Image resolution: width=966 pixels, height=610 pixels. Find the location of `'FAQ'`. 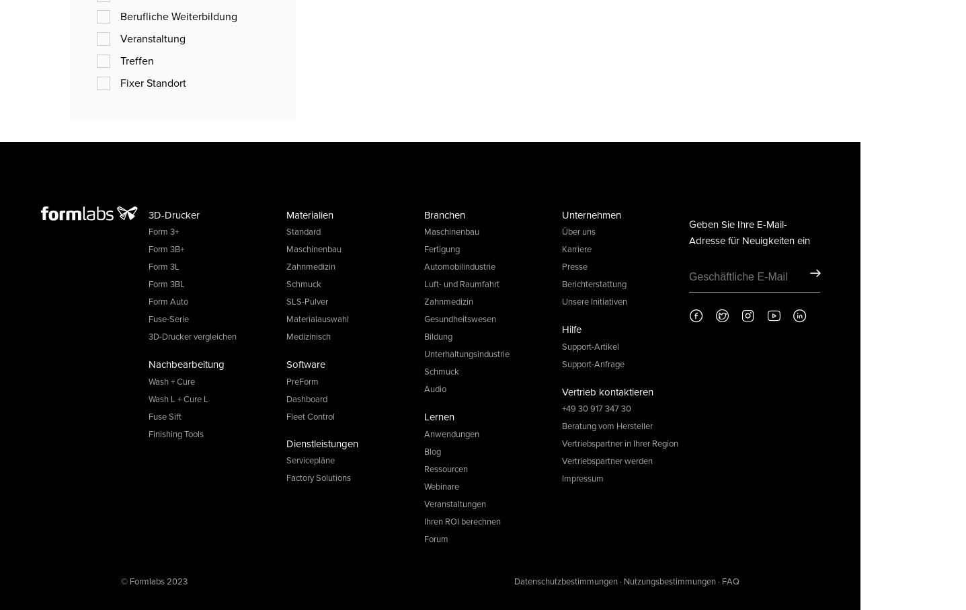

'FAQ' is located at coordinates (730, 580).